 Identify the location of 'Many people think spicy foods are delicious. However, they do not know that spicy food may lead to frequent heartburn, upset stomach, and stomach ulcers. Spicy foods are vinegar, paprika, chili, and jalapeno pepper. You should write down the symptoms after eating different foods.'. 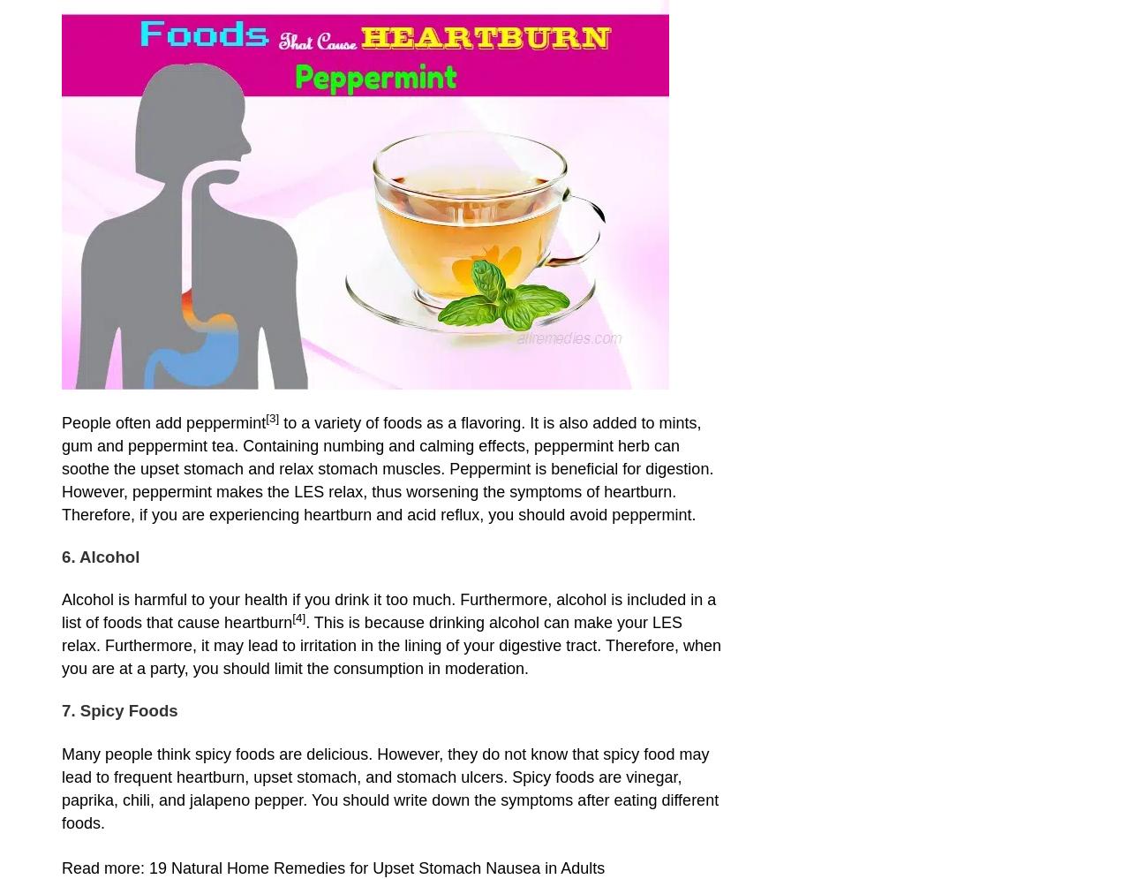
(388, 787).